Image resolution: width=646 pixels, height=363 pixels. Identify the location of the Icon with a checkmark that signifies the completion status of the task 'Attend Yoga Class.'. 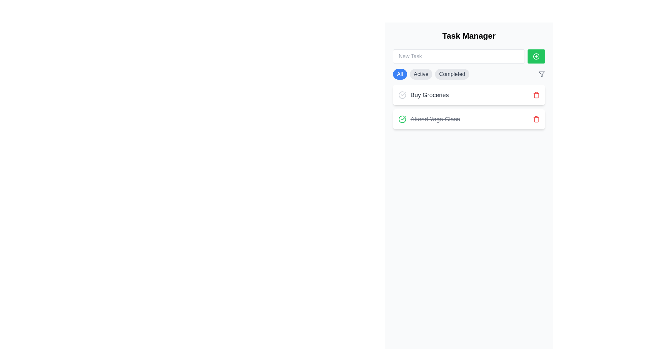
(402, 119).